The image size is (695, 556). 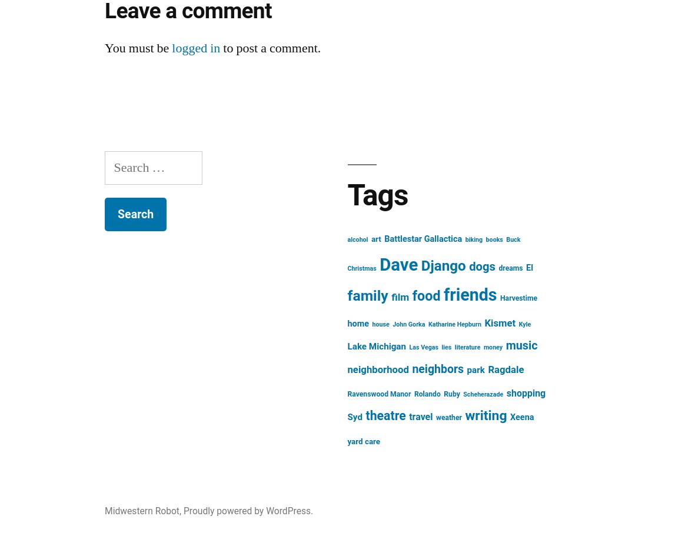 I want to click on 'to post a comment.', so click(x=270, y=48).